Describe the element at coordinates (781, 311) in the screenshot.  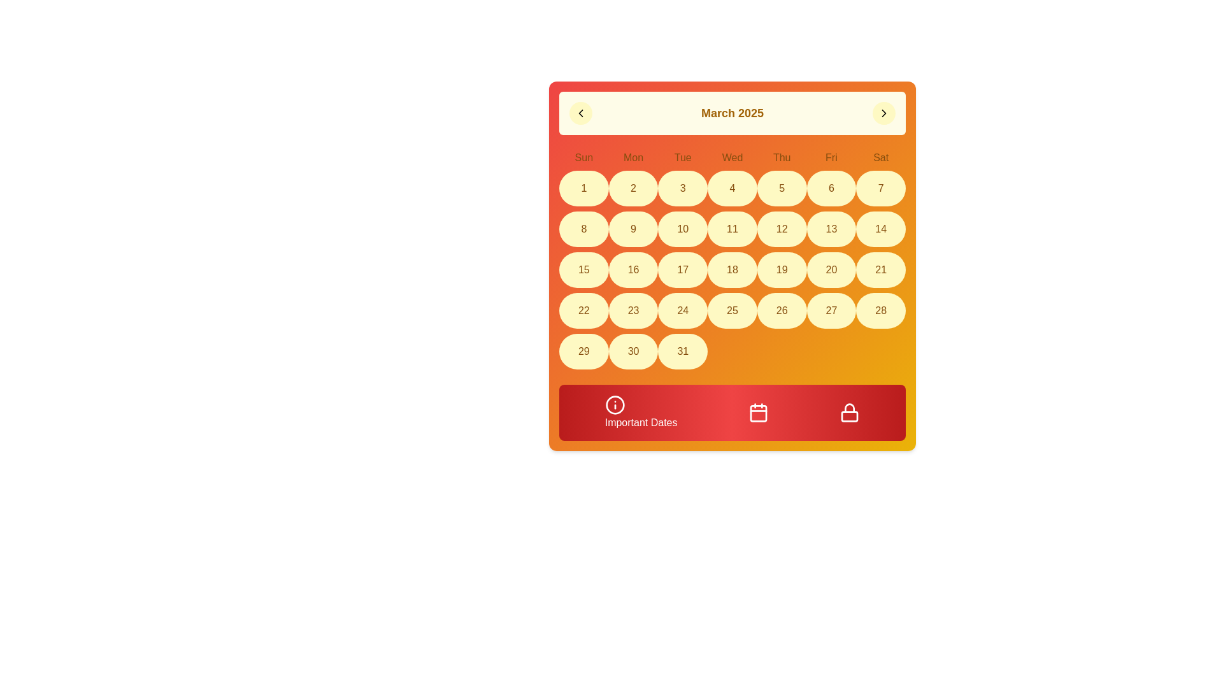
I see `the button representing the 26th day in the calendar located under 'Thu' in the grid layout` at that location.